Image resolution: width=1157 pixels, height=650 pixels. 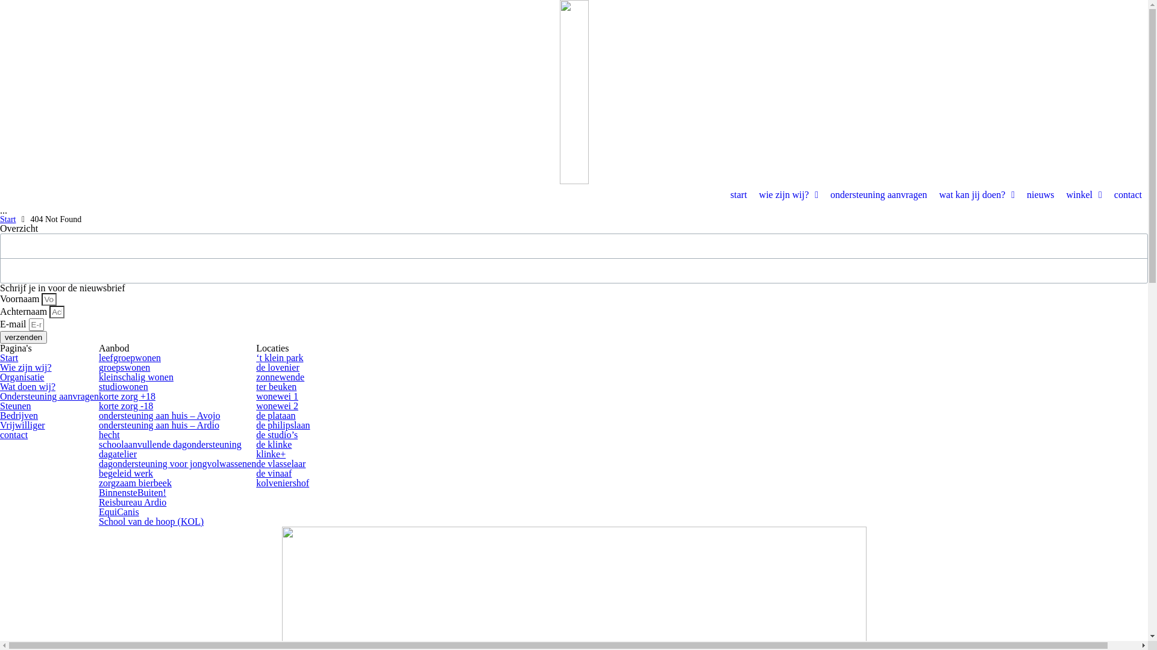 I want to click on 'de lovenier', so click(x=277, y=367).